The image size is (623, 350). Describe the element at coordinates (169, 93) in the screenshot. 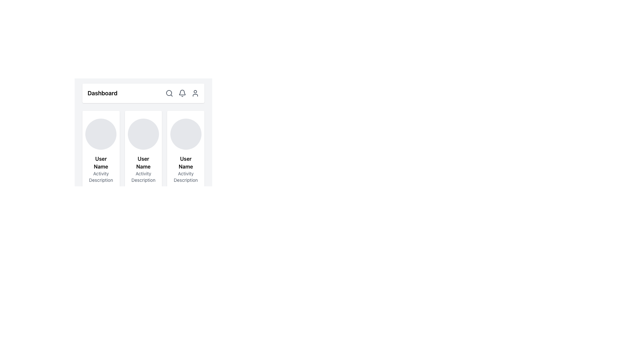

I see `the search icon located at the right end of the toolbar` at that location.